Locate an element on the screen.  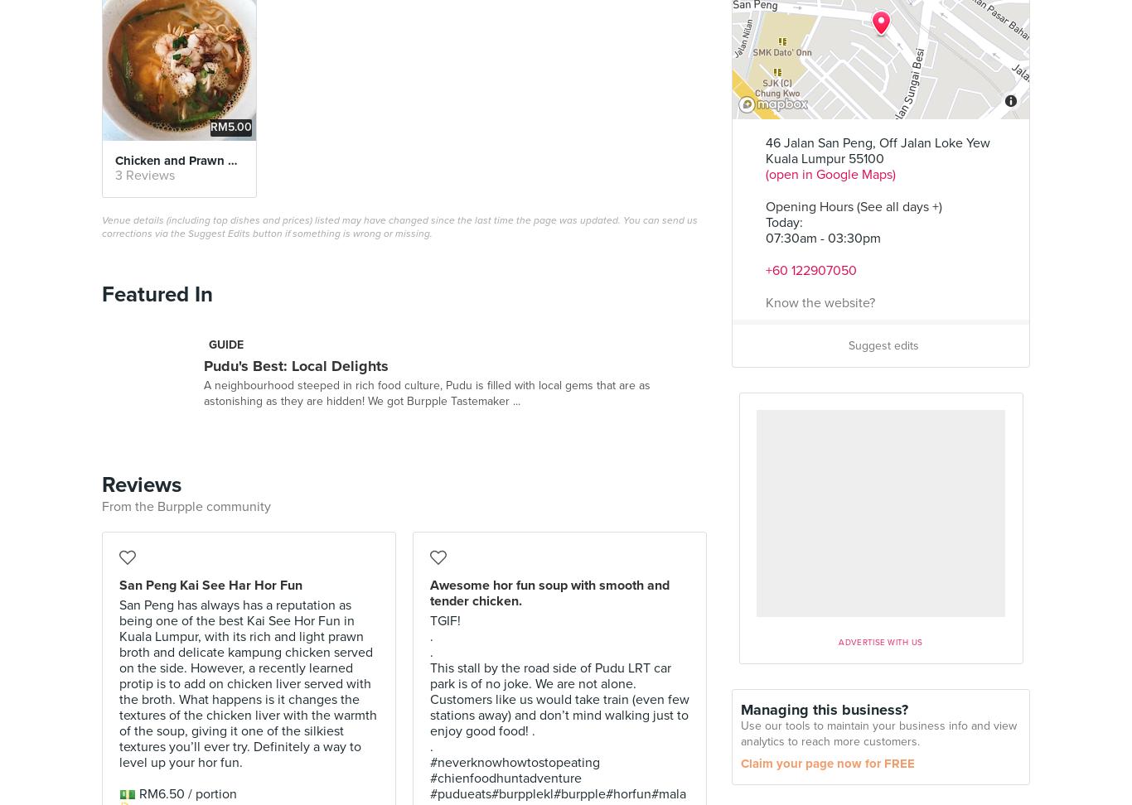
'Use our tools to maintain your business info and view analytics to reach more customers.' is located at coordinates (878, 733).